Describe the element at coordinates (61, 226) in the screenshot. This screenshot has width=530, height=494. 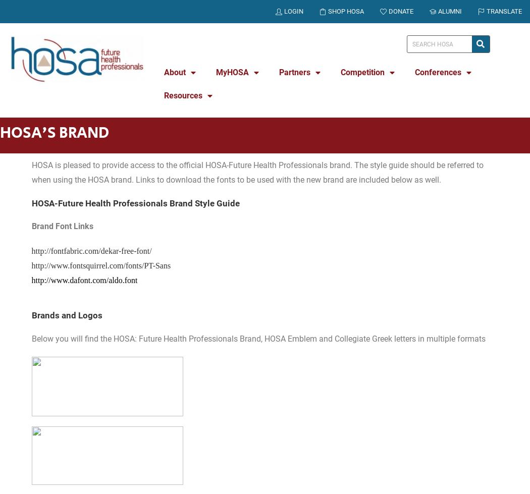
I see `'Brand Font Links'` at that location.